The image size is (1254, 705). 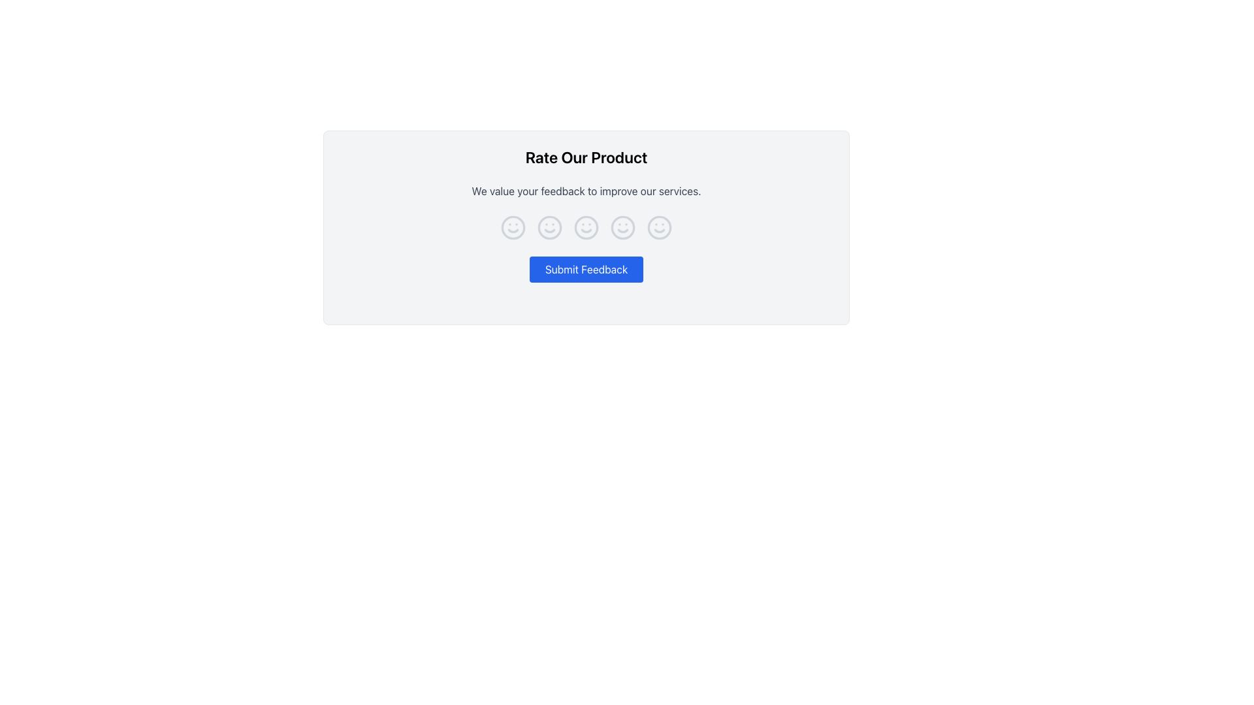 What do you see at coordinates (513, 227) in the screenshot?
I see `the first smiley face icon represented by the SVG Circle, which is part of a rating system in the feedback interface` at bounding box center [513, 227].